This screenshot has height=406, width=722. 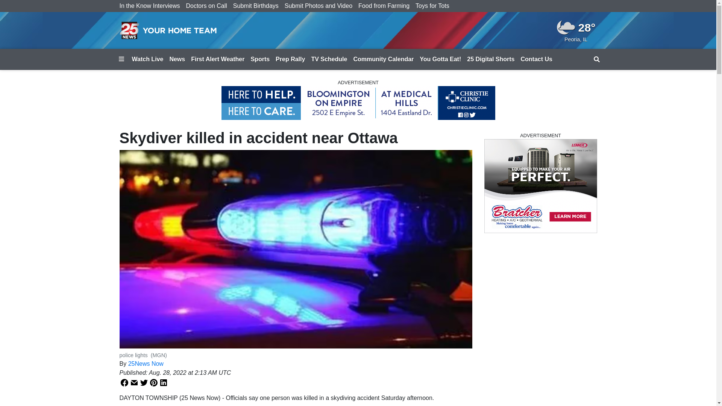 What do you see at coordinates (147, 59) in the screenshot?
I see `'Watch Live'` at bounding box center [147, 59].